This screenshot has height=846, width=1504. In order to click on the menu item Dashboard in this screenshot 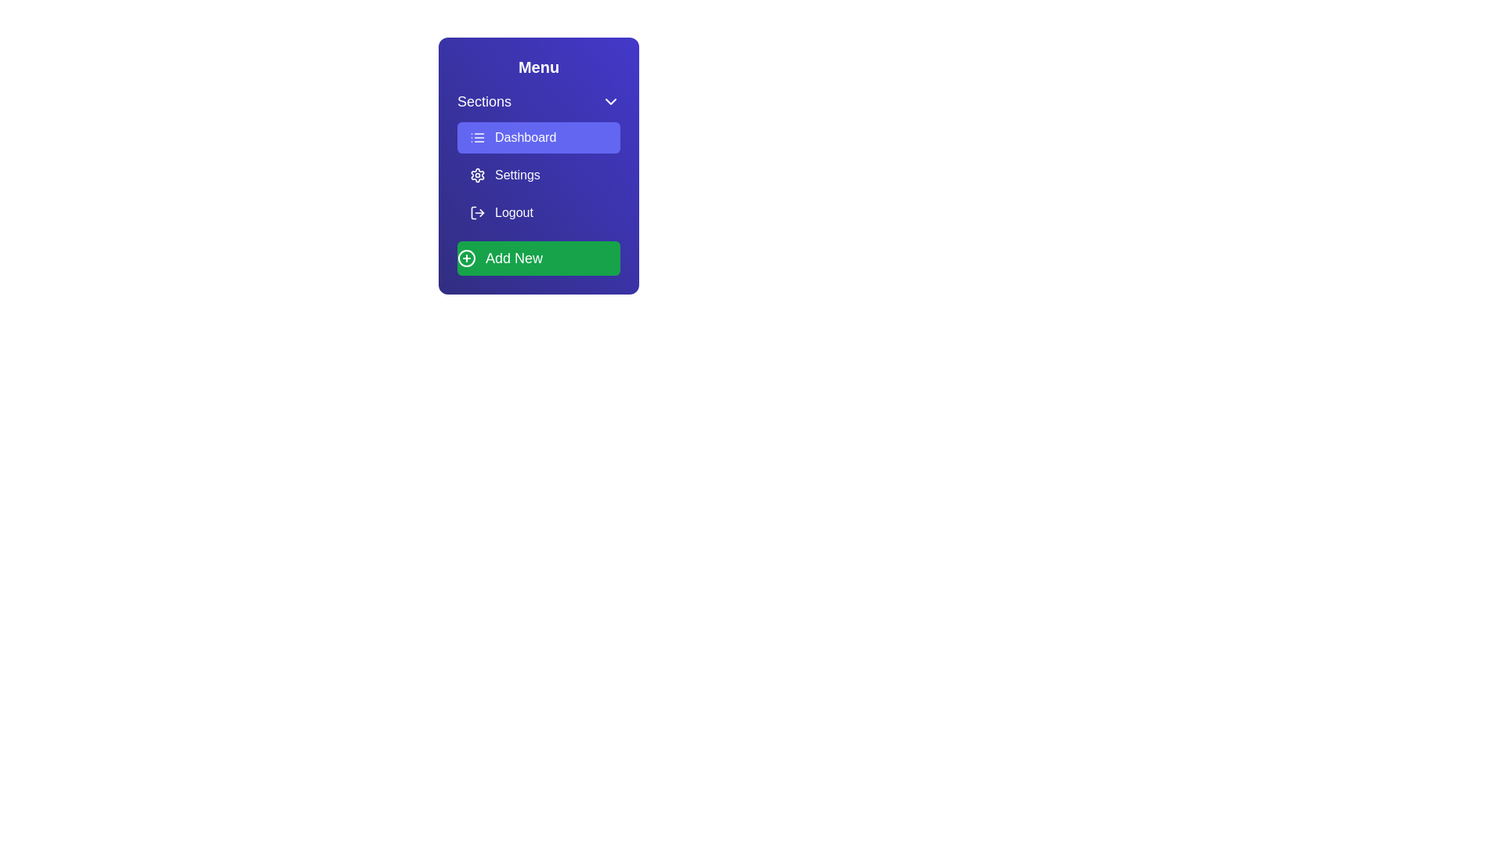, I will do `click(538, 137)`.